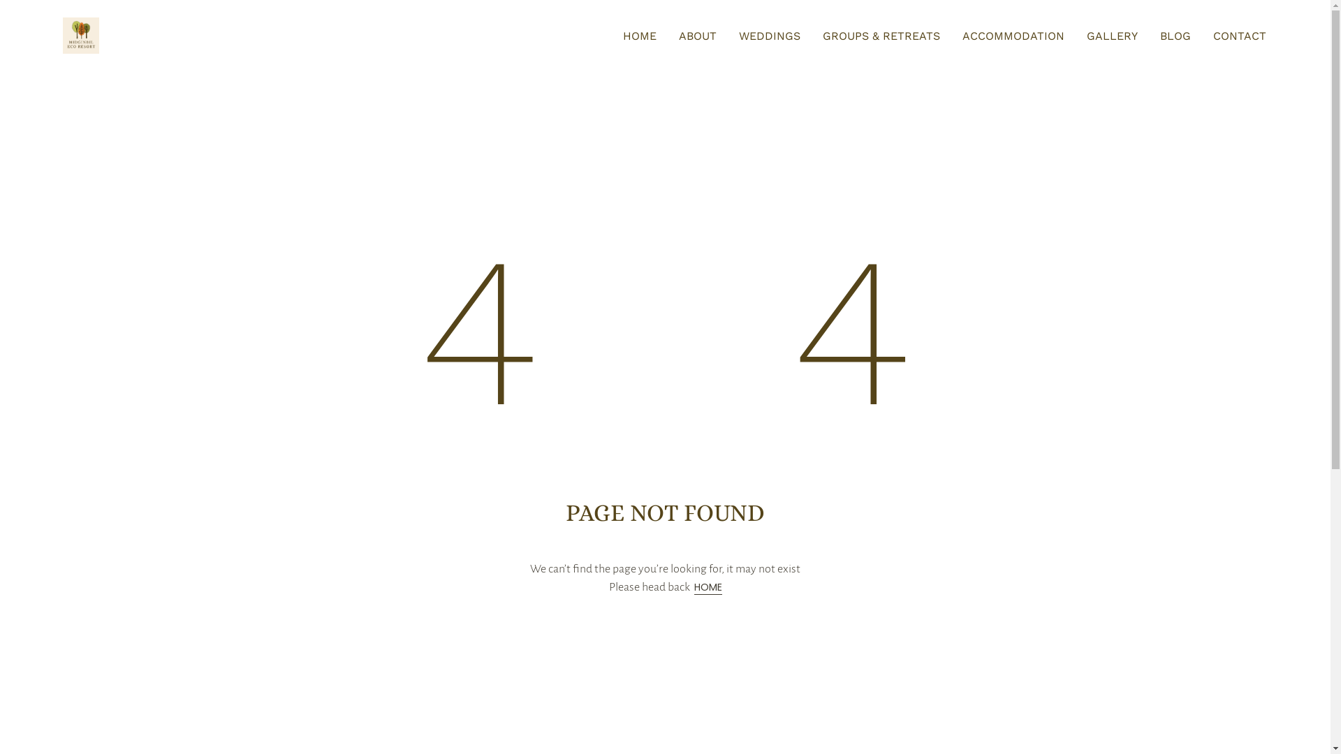 The height and width of the screenshot is (754, 1341). What do you see at coordinates (1175, 35) in the screenshot?
I see `'BLOG'` at bounding box center [1175, 35].